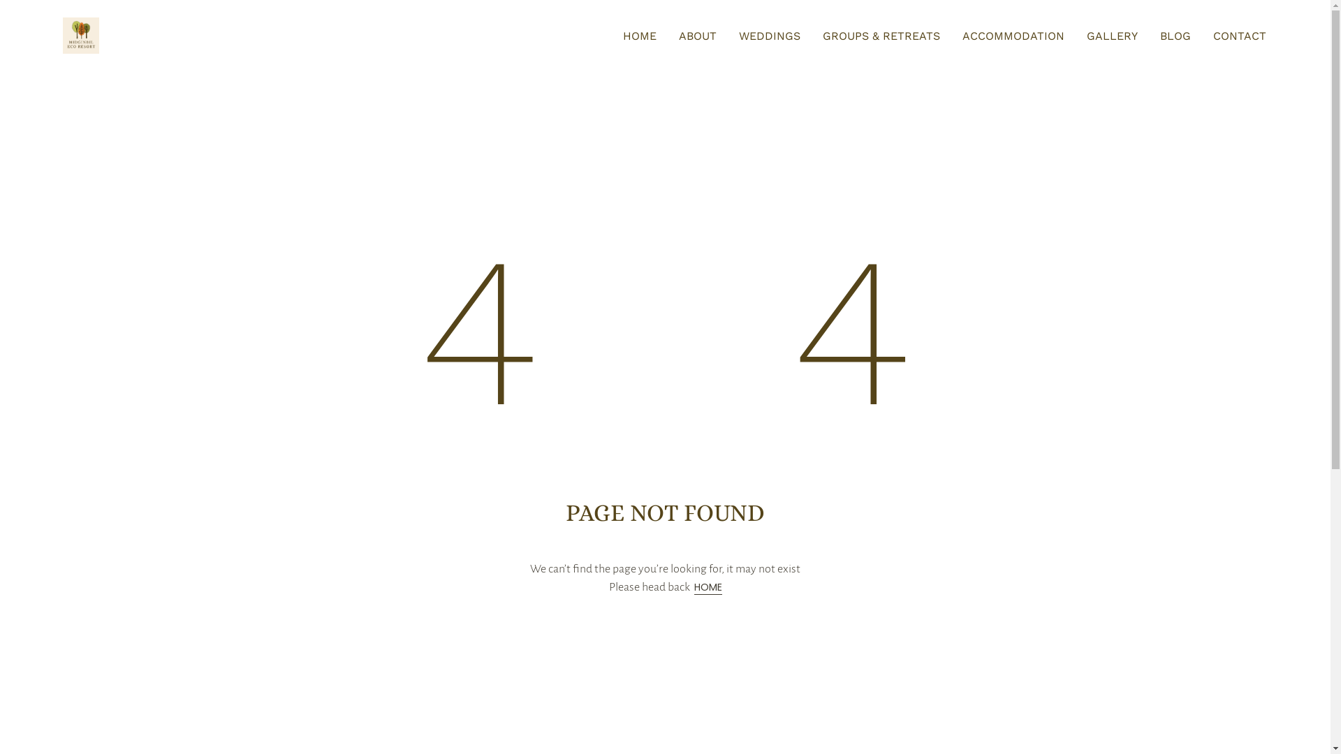 The height and width of the screenshot is (754, 1341). What do you see at coordinates (1175, 35) in the screenshot?
I see `'BLOG'` at bounding box center [1175, 35].